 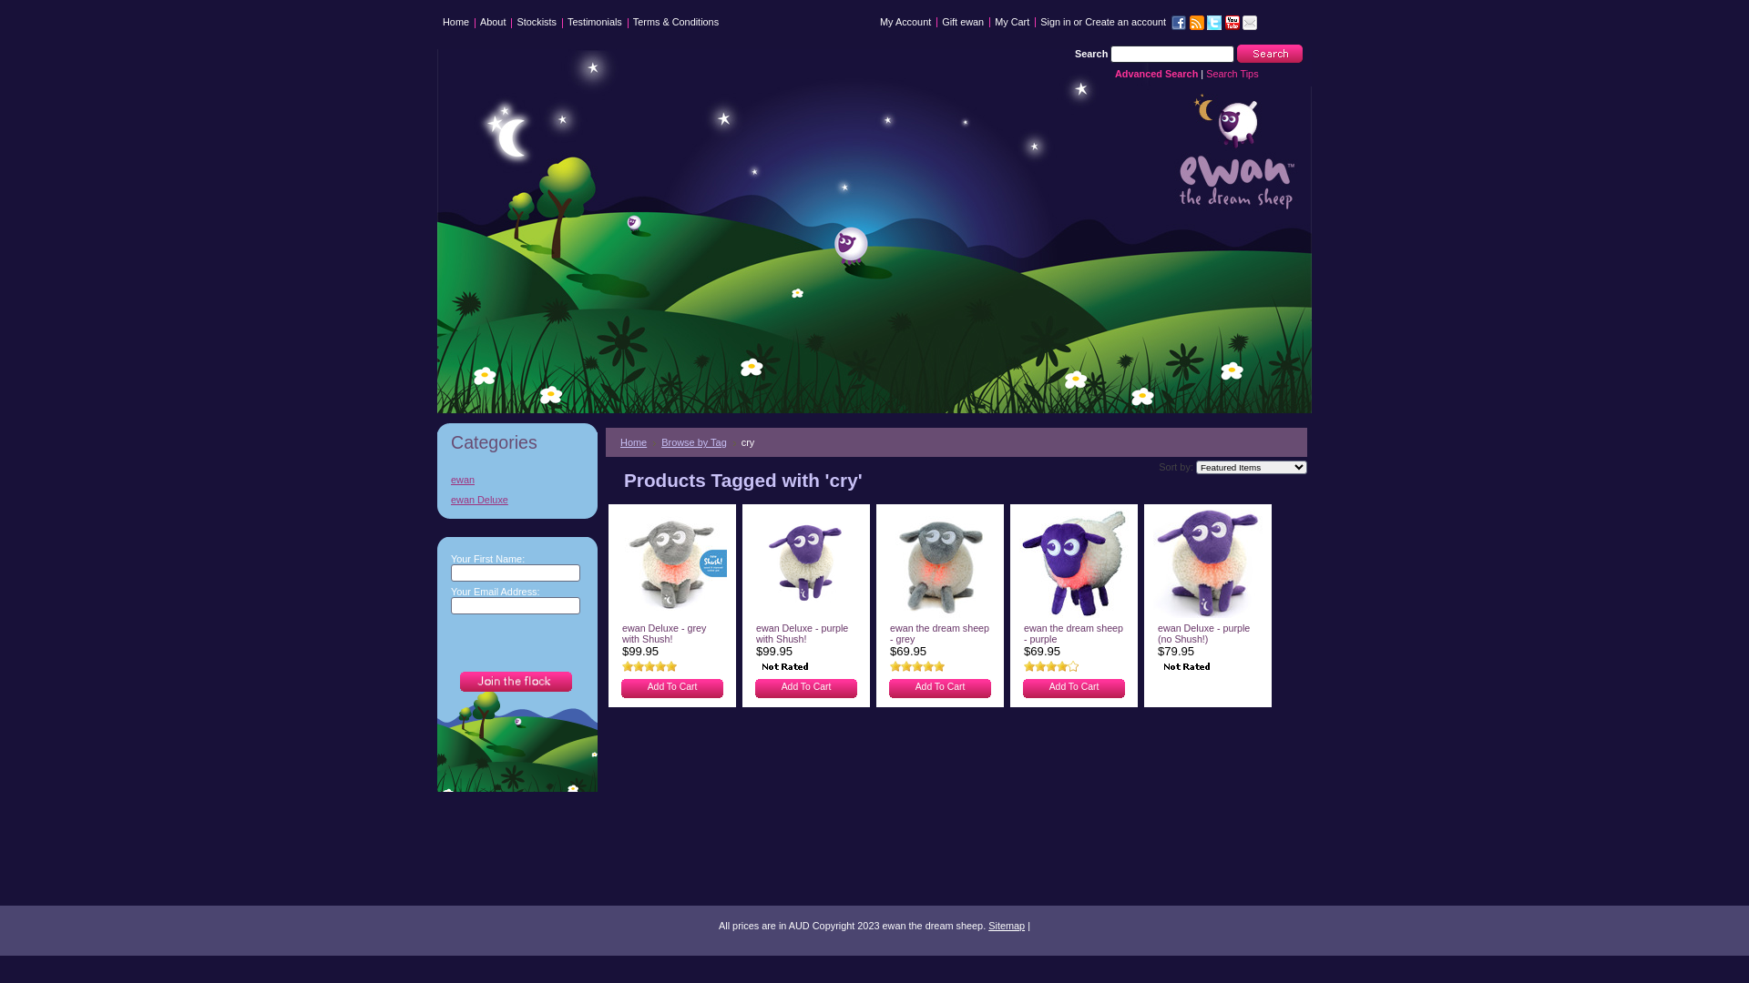 I want to click on 'Terms & Conditions', so click(x=675, y=25).